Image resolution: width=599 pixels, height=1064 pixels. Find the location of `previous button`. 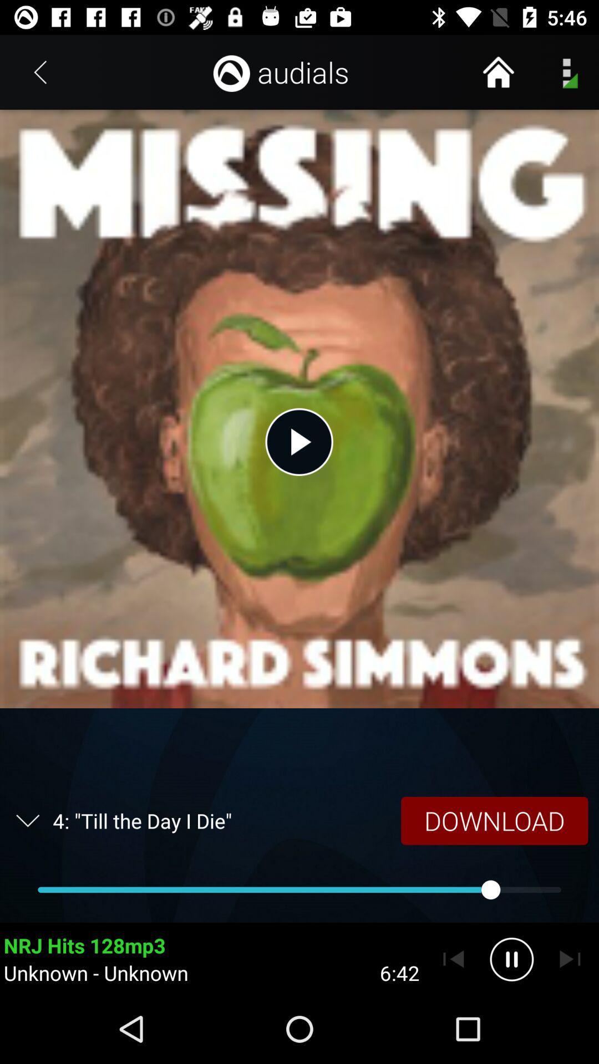

previous button is located at coordinates (453, 959).